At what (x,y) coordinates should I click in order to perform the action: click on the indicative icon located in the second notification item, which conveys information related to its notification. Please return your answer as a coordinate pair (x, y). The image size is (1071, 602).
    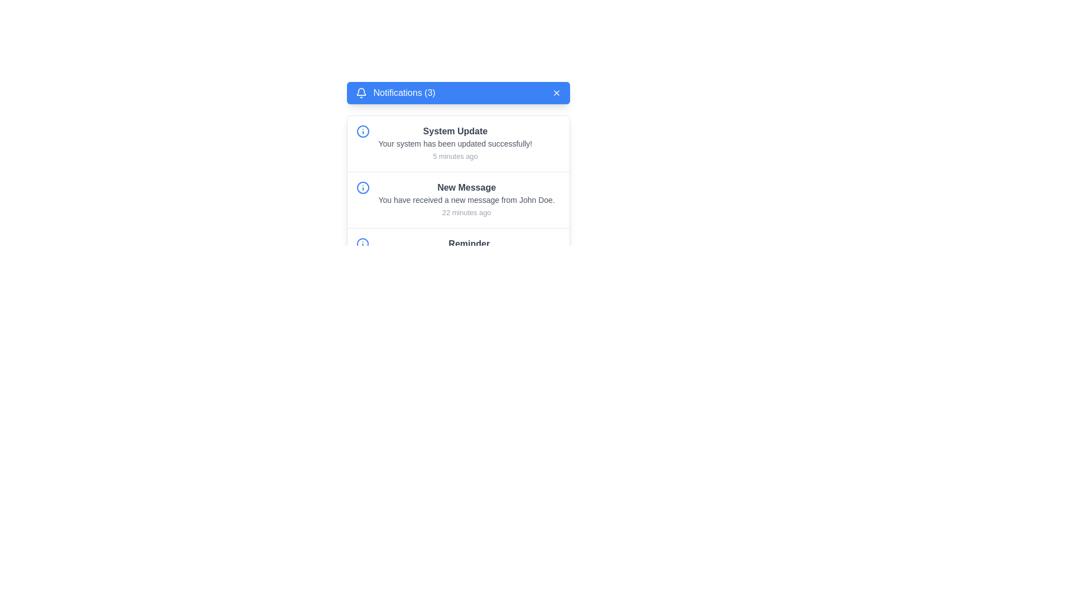
    Looking at the image, I should click on (363, 187).